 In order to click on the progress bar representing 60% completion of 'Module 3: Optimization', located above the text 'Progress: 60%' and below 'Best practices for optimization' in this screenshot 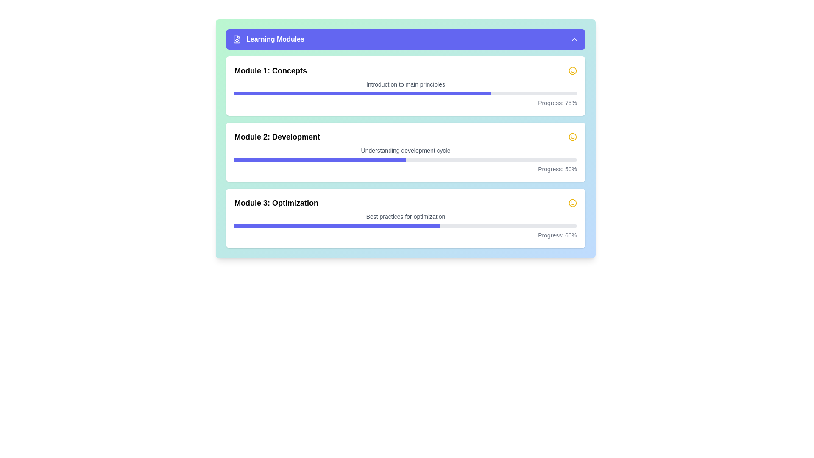, I will do `click(405, 225)`.